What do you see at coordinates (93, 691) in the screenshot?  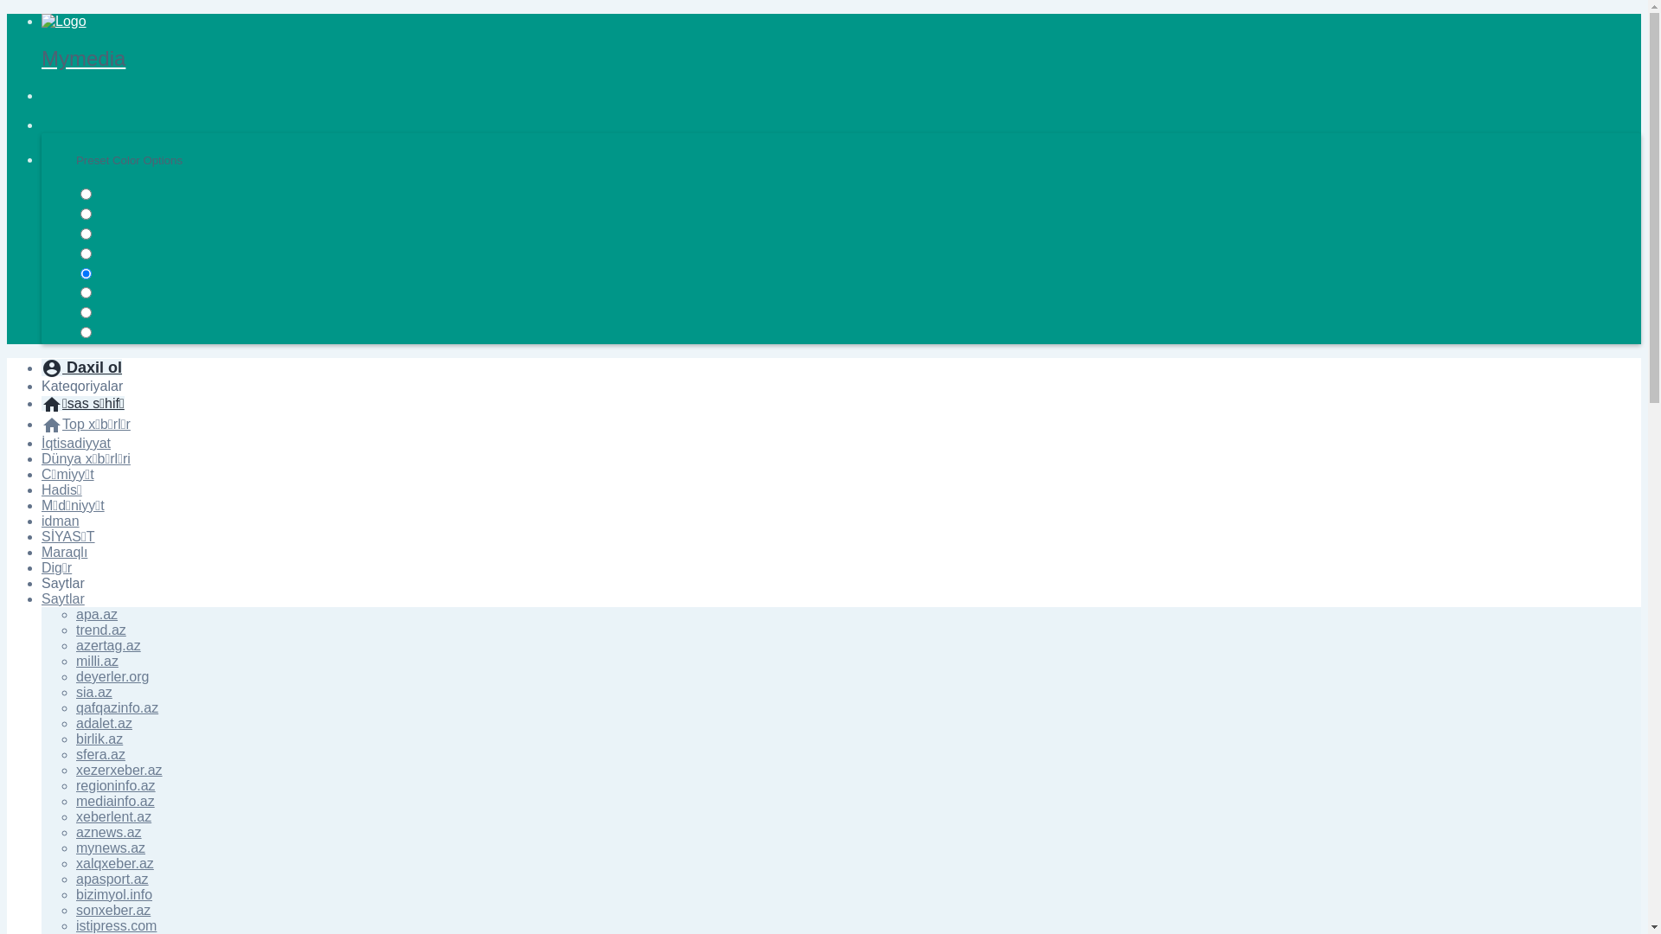 I see `'sia.az'` at bounding box center [93, 691].